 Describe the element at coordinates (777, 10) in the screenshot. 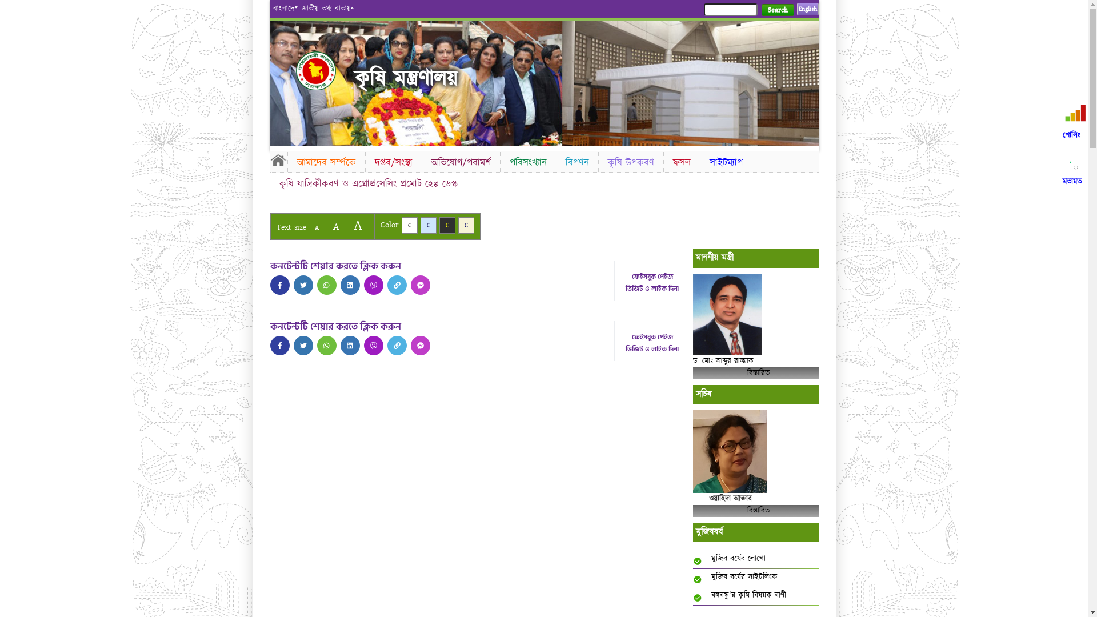

I see `'Search'` at that location.